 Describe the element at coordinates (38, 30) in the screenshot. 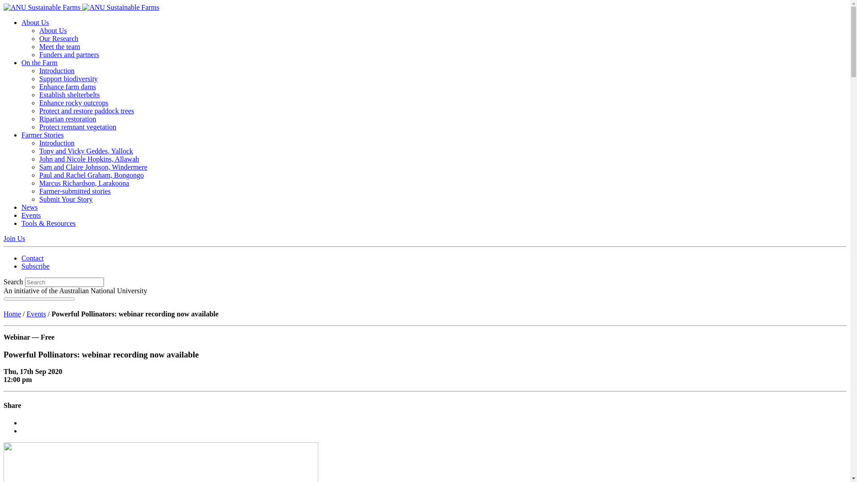

I see `'About Us'` at that location.